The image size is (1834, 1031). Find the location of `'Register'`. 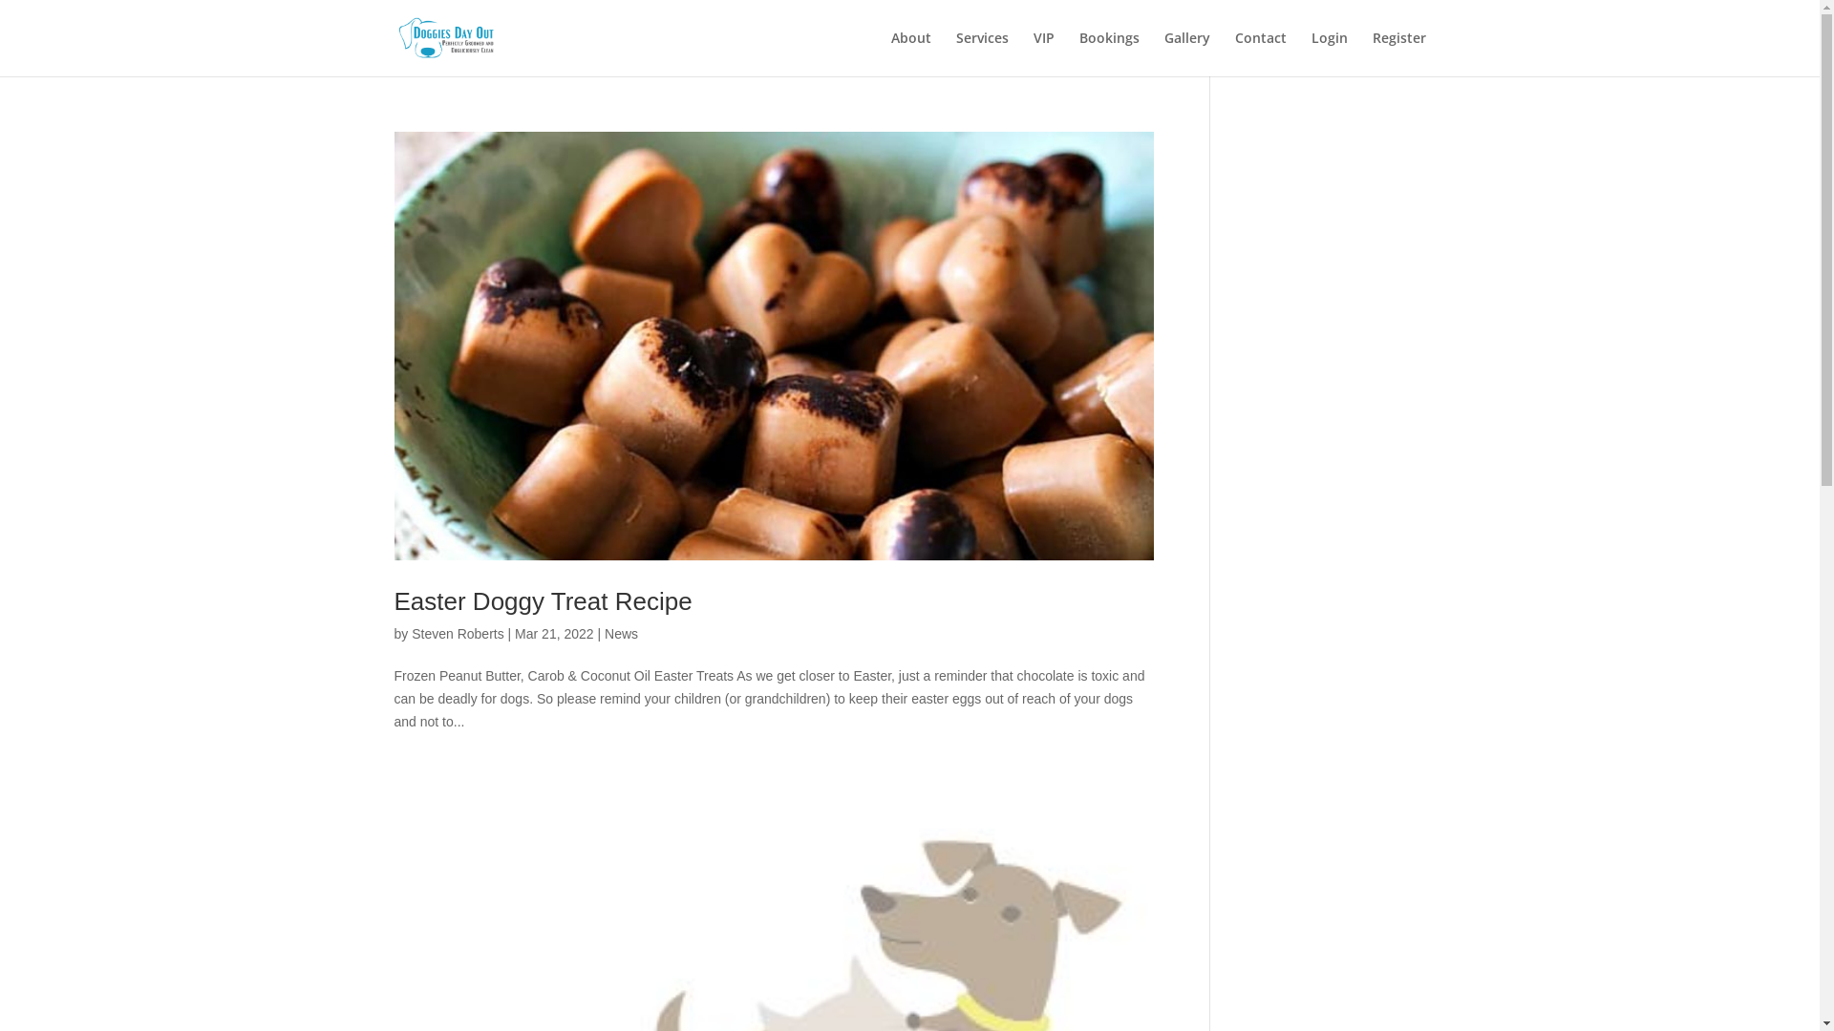

'Register' is located at coordinates (1398, 53).